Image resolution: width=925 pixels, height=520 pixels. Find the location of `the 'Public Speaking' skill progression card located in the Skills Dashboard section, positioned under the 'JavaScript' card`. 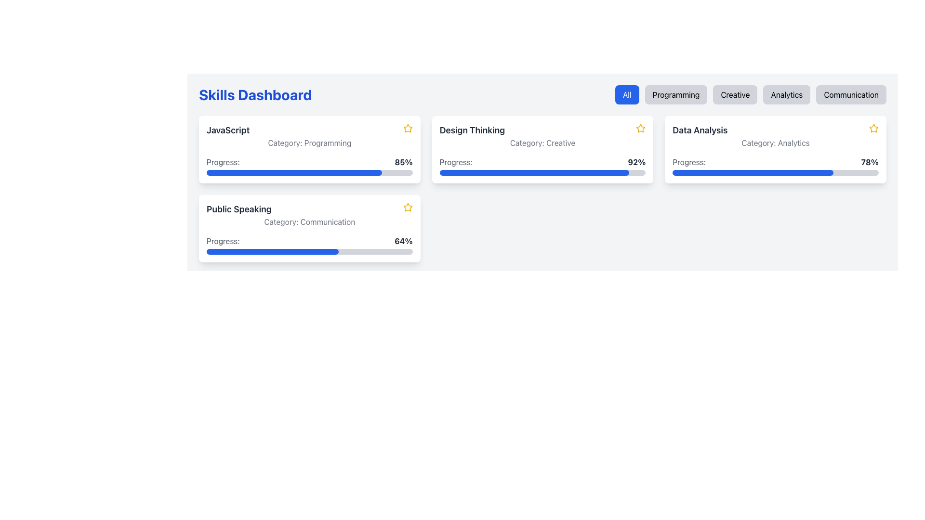

the 'Public Speaking' skill progression card located in the Skills Dashboard section, positioned under the 'JavaScript' card is located at coordinates (309, 228).